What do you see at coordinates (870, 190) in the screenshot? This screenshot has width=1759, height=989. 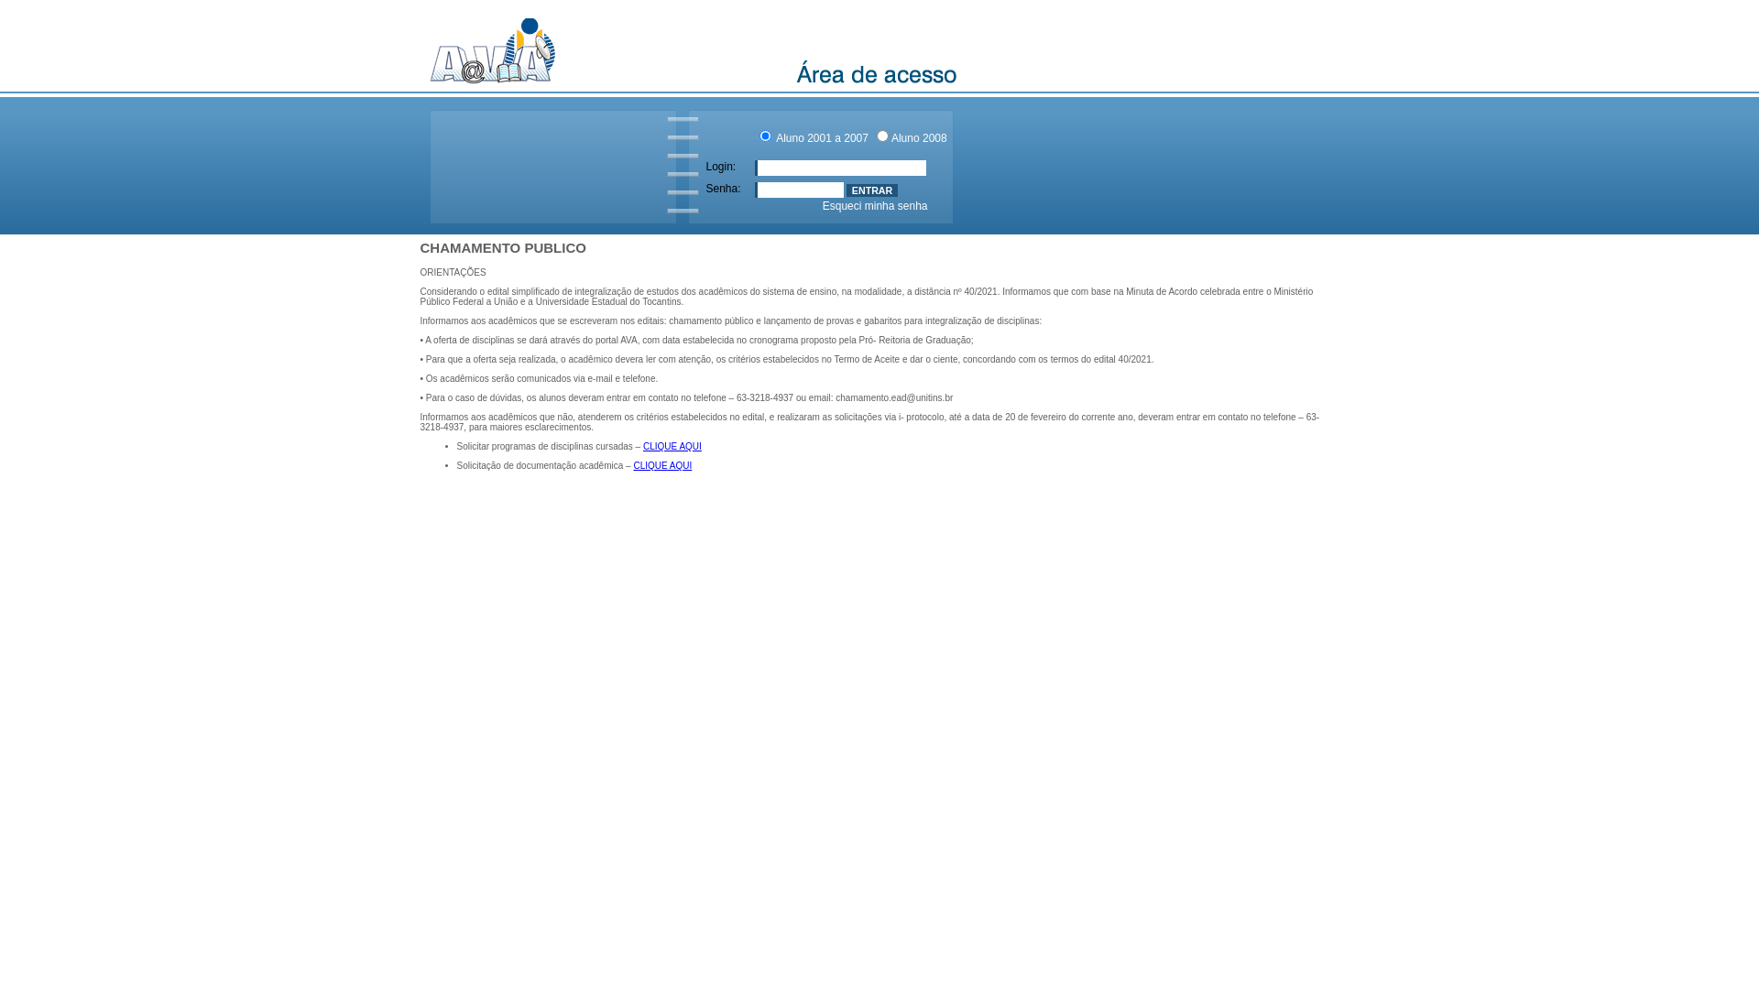 I see `'ENTRAR'` at bounding box center [870, 190].